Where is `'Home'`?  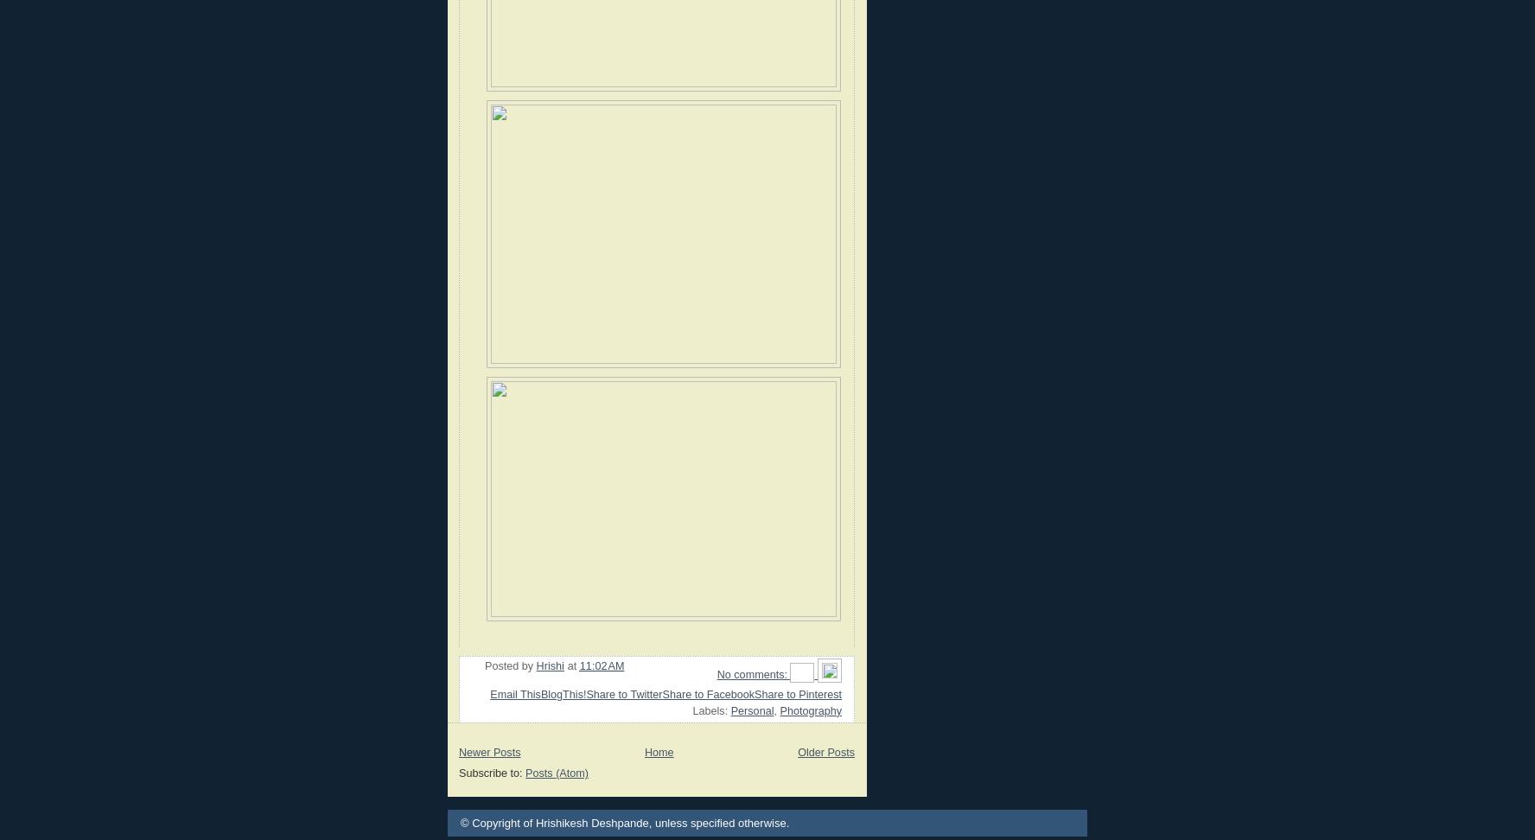
'Home' is located at coordinates (658, 752).